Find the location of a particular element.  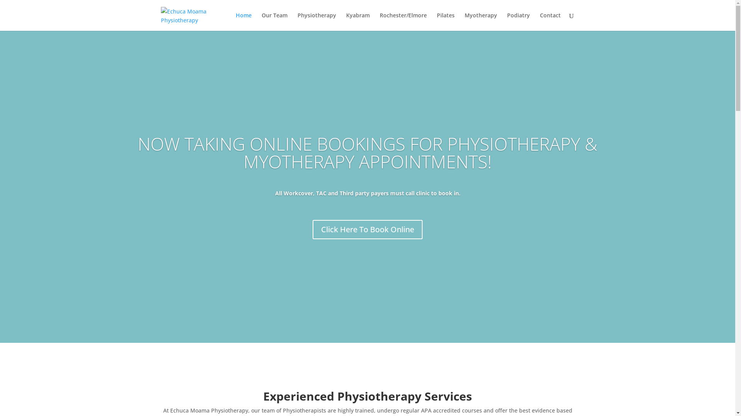

'Home' is located at coordinates (243, 21).